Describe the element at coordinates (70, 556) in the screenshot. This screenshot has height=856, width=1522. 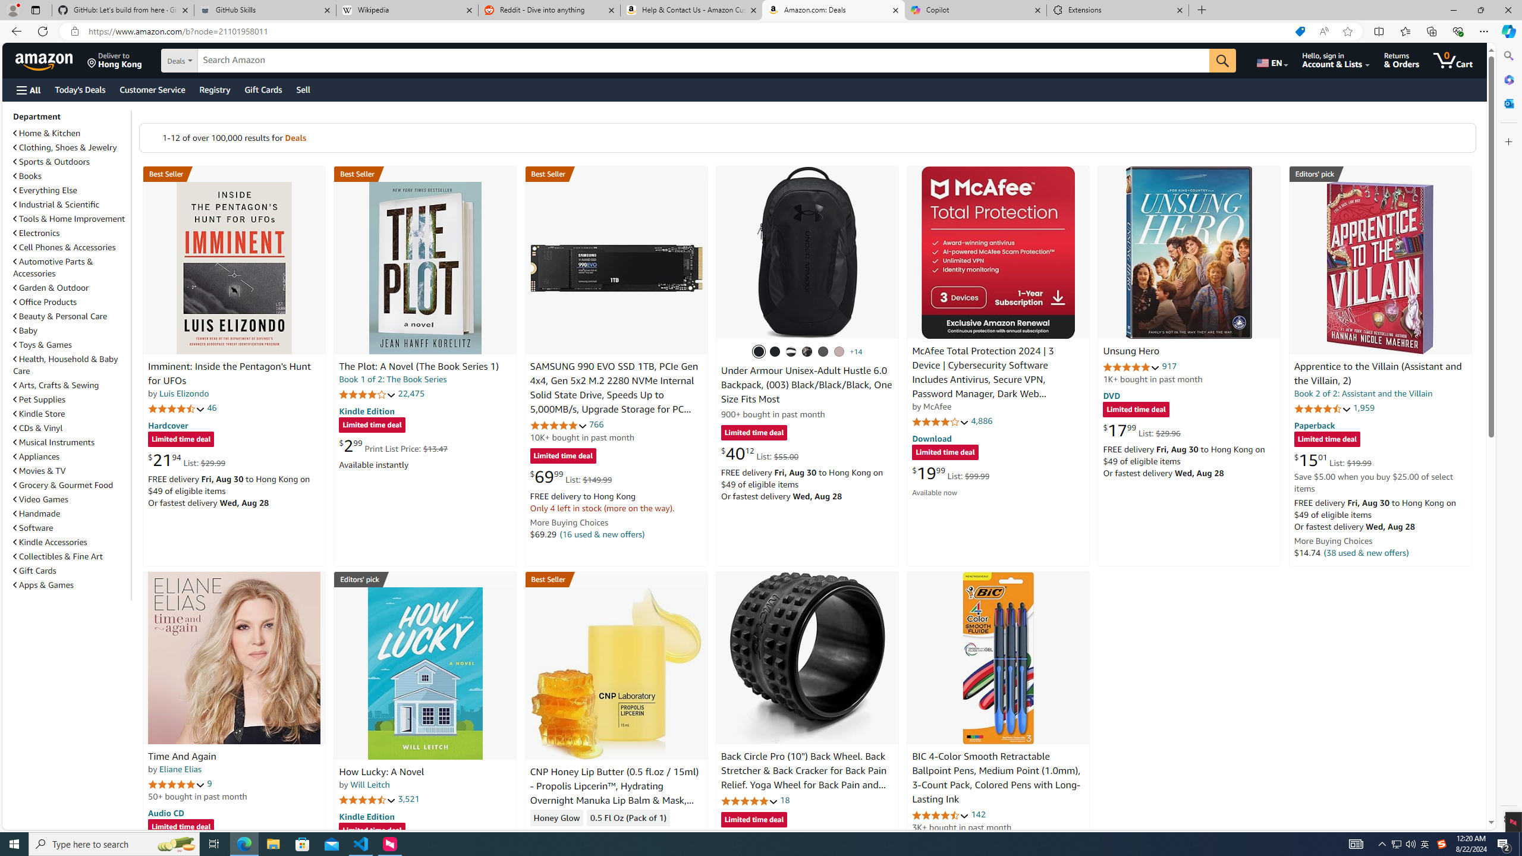
I see `'Collectibles & Fine Art'` at that location.